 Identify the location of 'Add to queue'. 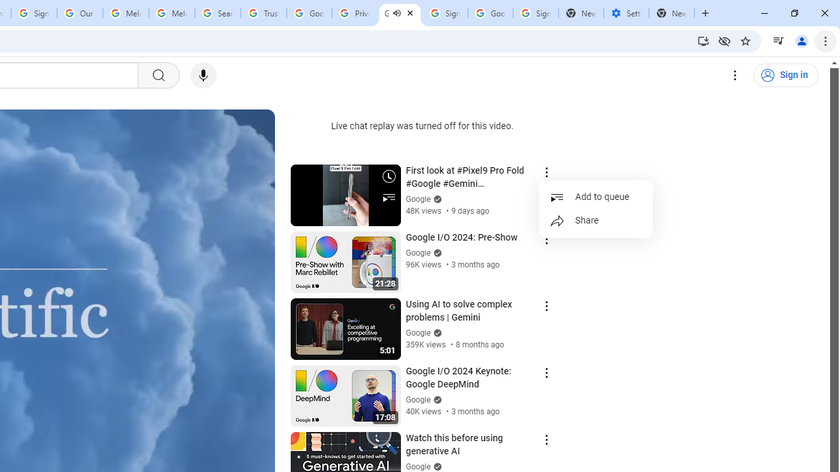
(595, 197).